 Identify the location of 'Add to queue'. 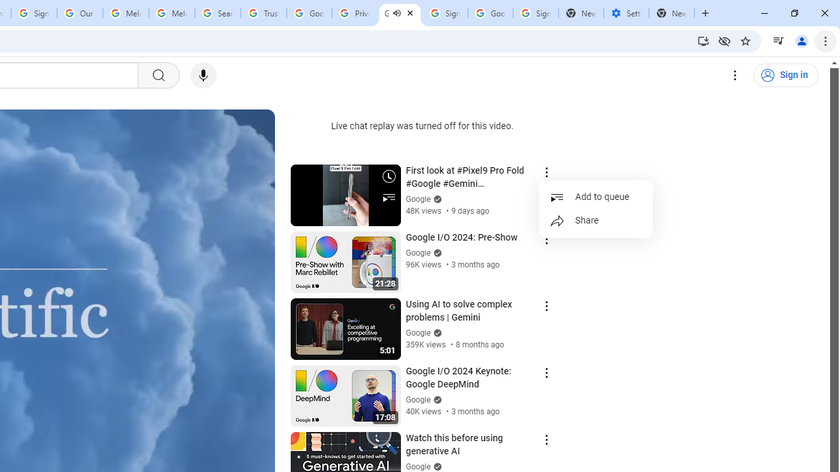
(595, 197).